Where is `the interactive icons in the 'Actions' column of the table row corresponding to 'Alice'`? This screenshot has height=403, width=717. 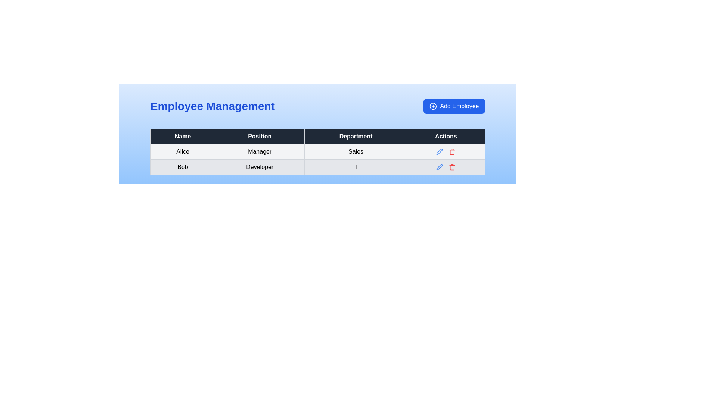
the interactive icons in the 'Actions' column of the table row corresponding to 'Alice' is located at coordinates (446, 151).